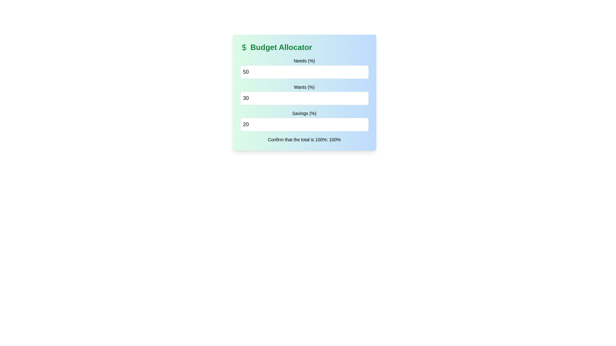  Describe the element at coordinates (304, 94) in the screenshot. I see `the Numeric Input Field labeled 'Wants (%)'` at that location.